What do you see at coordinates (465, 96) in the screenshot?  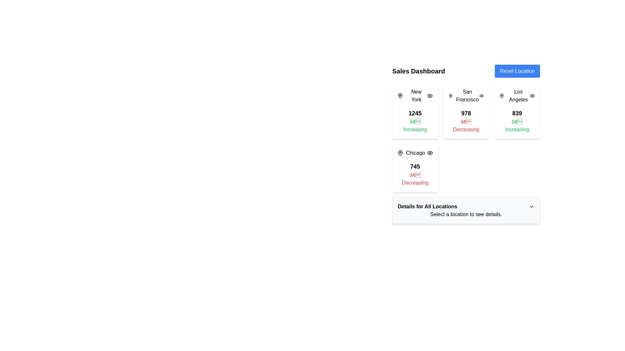 I see `the static text label or header indicating data or metrics related to the city of San Francisco, positioned at the top of its card in the second column of the grid layout` at bounding box center [465, 96].